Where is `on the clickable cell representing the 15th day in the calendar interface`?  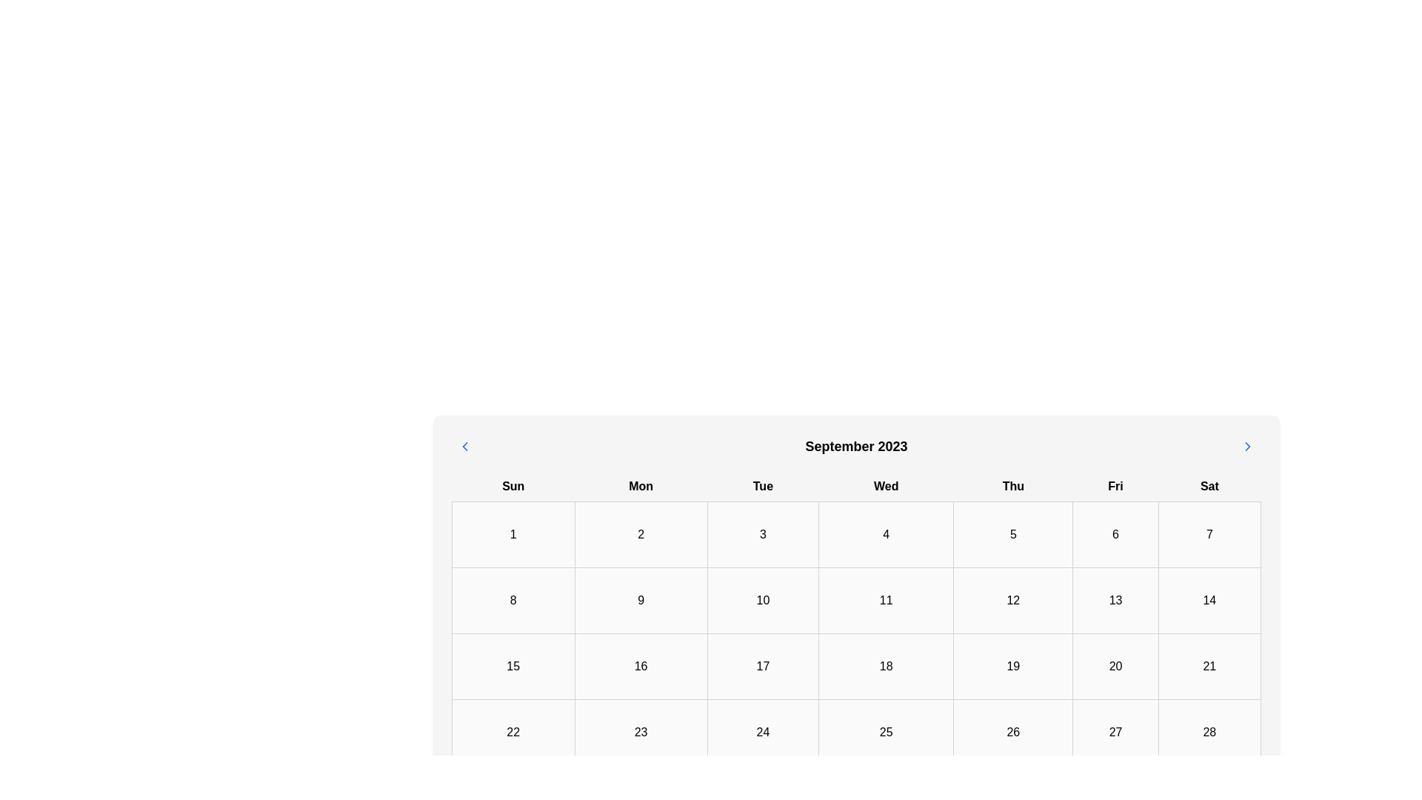
on the clickable cell representing the 15th day in the calendar interface is located at coordinates (513, 665).